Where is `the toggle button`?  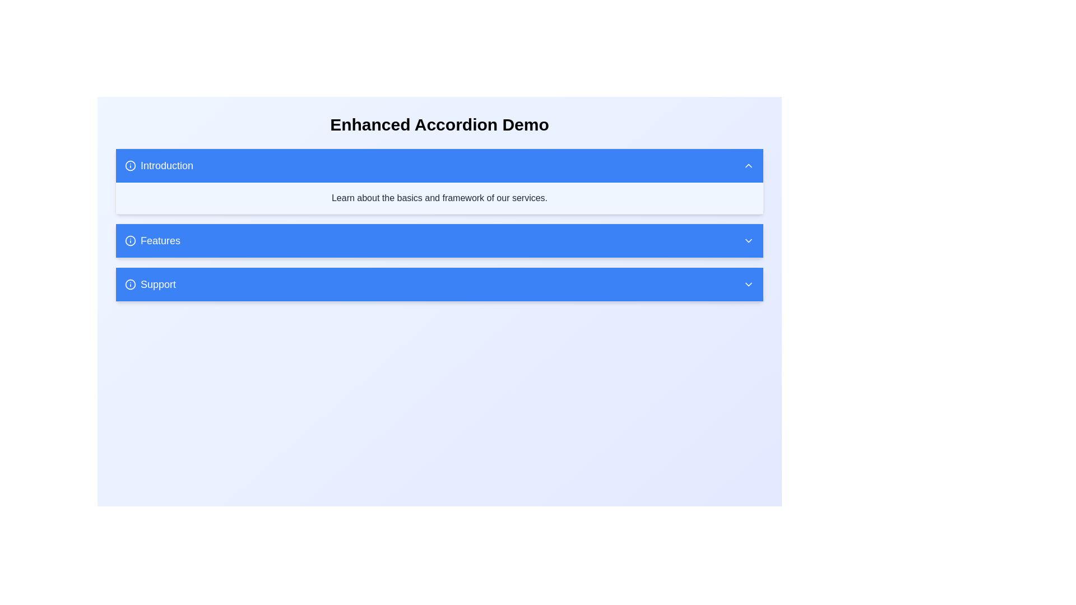 the toggle button is located at coordinates (158, 166).